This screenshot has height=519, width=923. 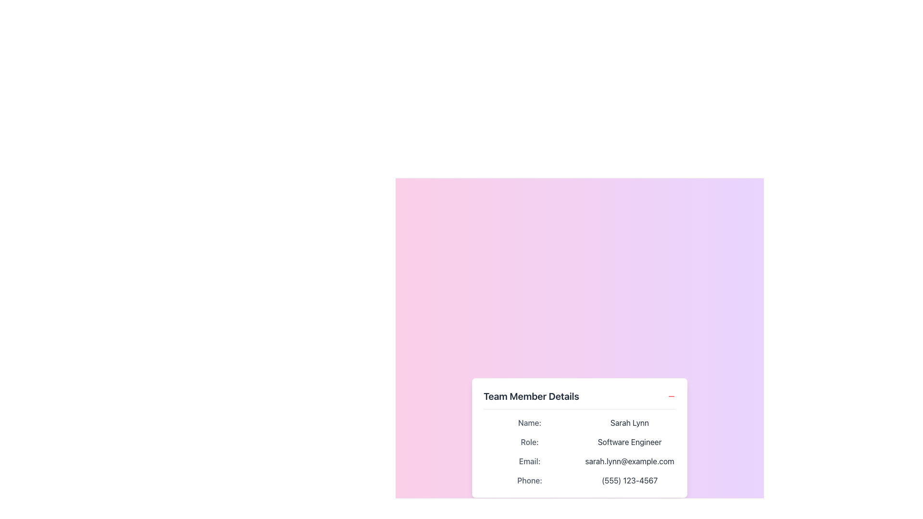 I want to click on the static text field displaying 'Software Engineer', which is styled in dark gray and positioned immediately to the right of the label 'Role:' in the lower-middle section of the interface, so click(x=630, y=442).